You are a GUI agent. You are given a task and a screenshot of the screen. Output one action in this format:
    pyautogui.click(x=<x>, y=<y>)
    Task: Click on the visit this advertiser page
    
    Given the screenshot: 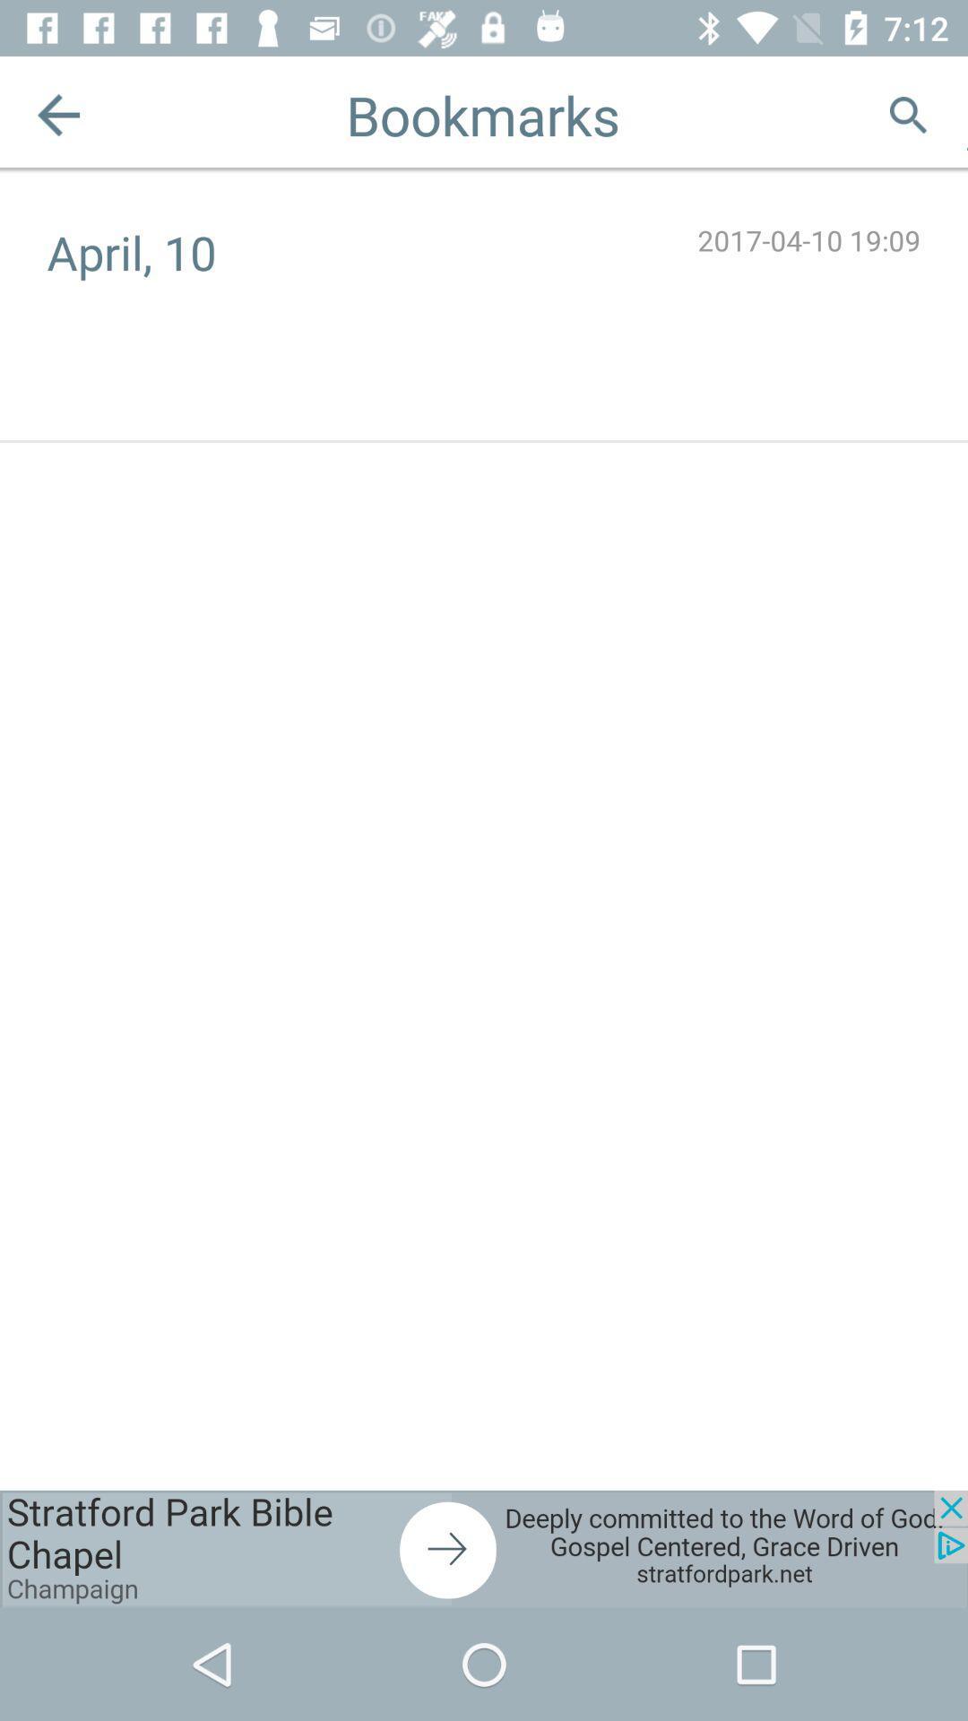 What is the action you would take?
    pyautogui.click(x=484, y=1548)
    